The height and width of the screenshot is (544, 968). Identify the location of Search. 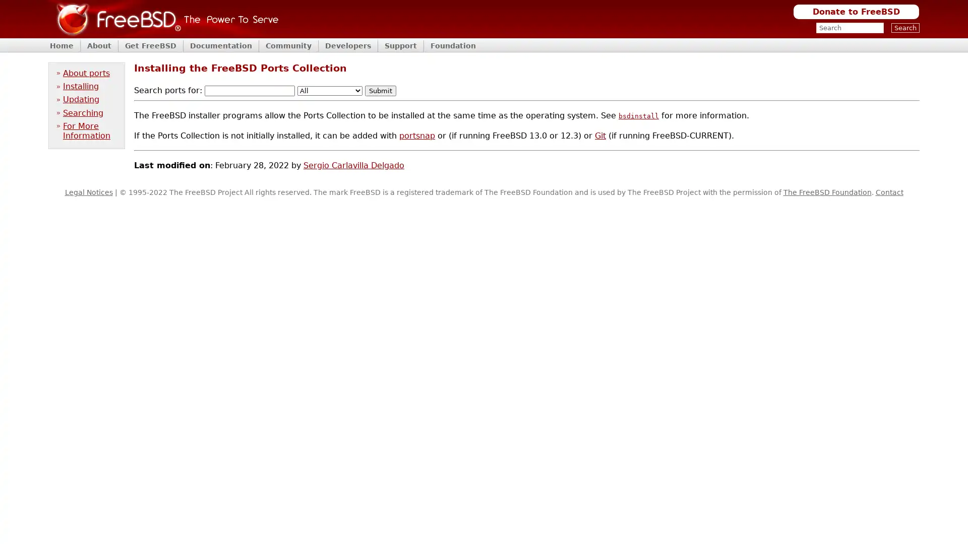
(905, 27).